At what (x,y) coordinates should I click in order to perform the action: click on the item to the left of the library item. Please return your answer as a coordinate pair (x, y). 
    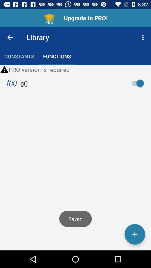
    Looking at the image, I should click on (10, 37).